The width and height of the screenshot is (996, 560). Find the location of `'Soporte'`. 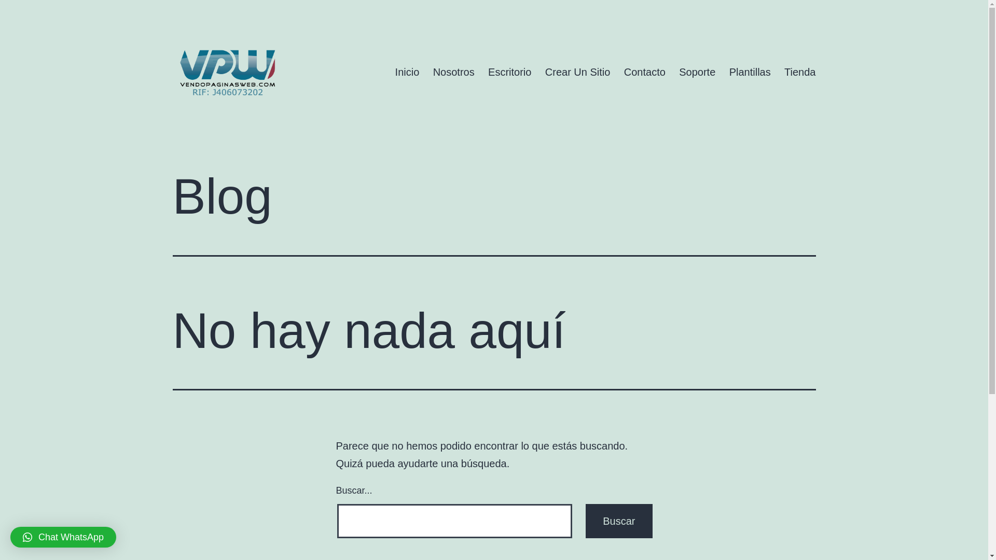

'Soporte' is located at coordinates (672, 71).